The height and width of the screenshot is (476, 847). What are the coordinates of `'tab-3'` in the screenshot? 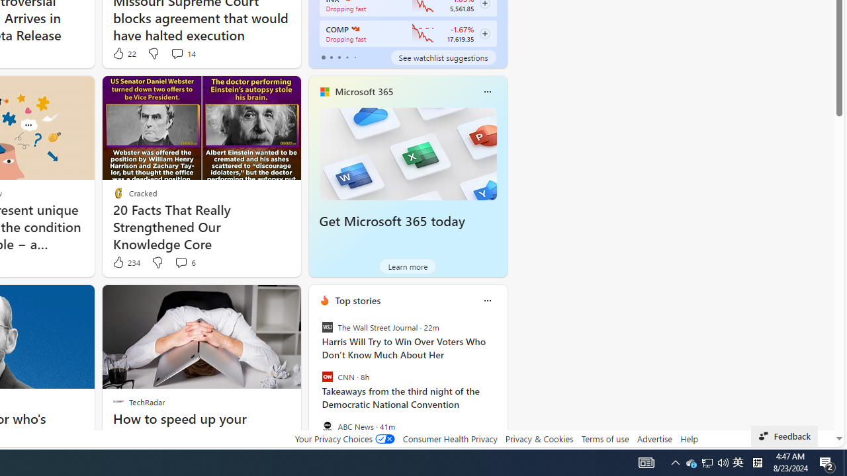 It's located at (347, 57).